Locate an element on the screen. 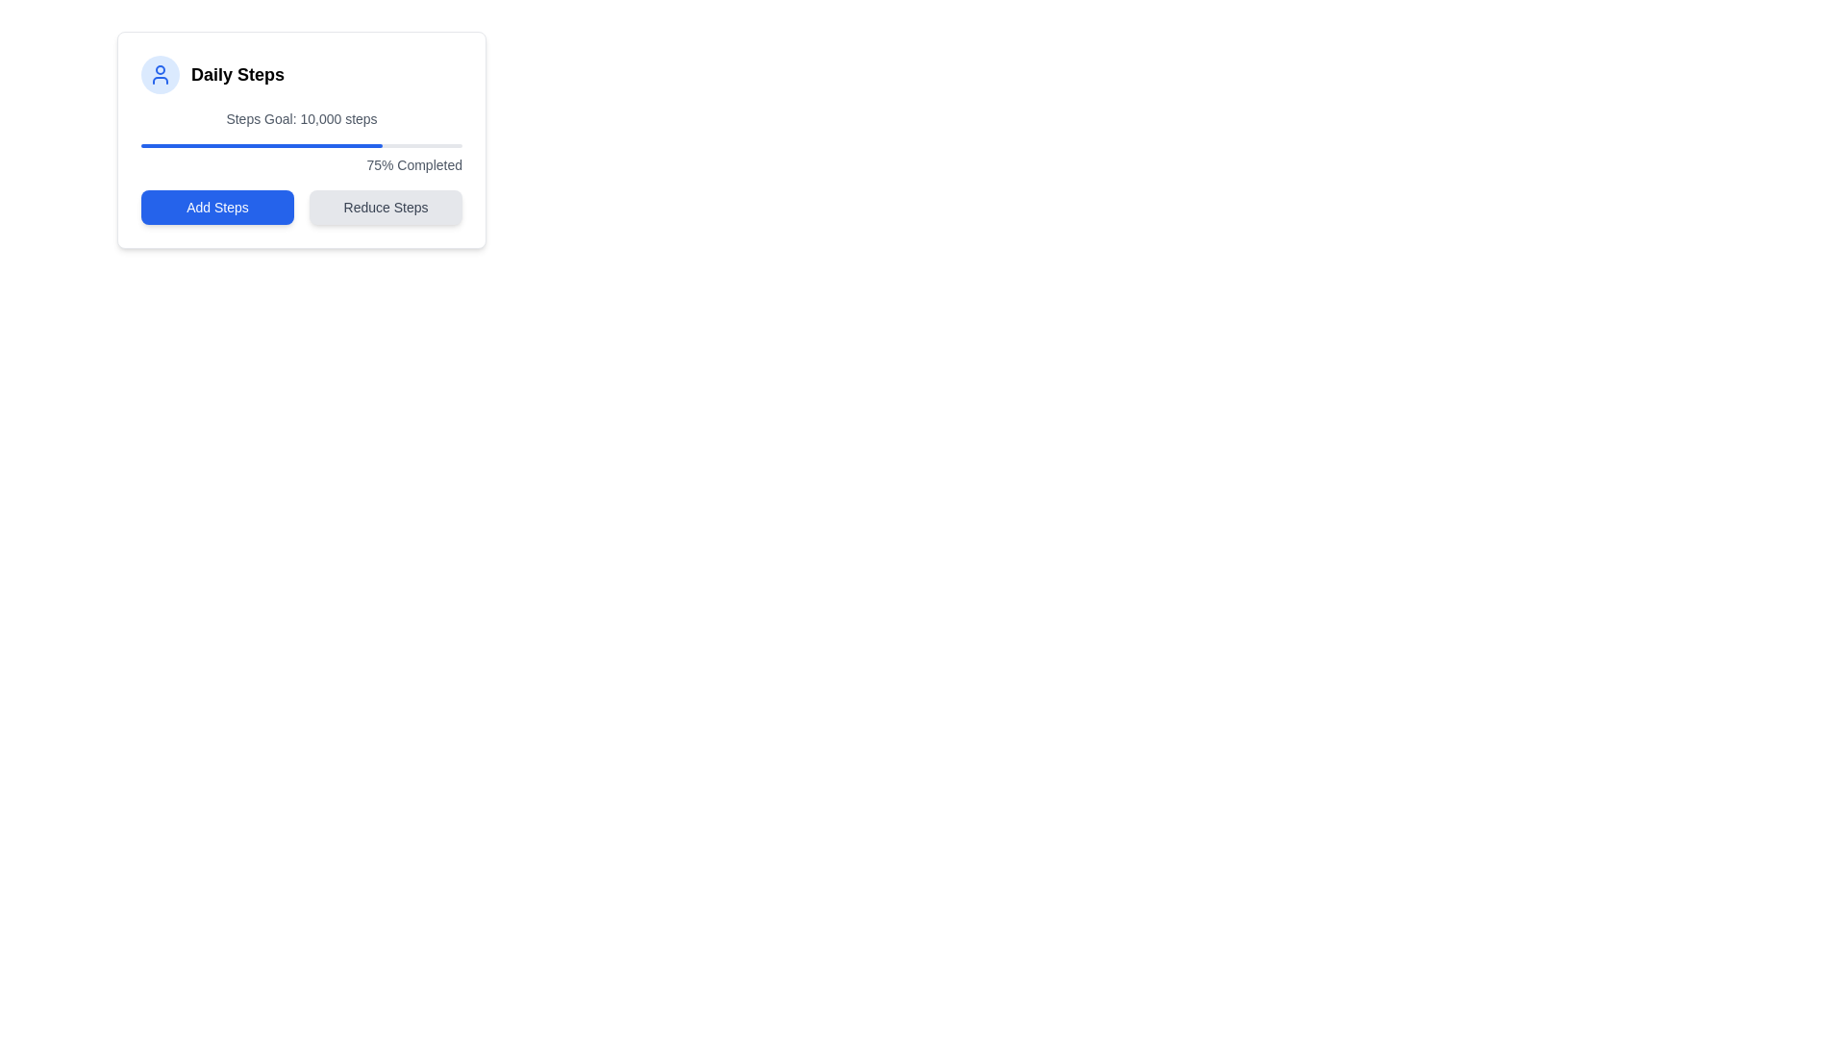  the user profile icon located at the top-left corner of the 'Daily Steps' card, which is visually represented within a circular background is located at coordinates (161, 73).